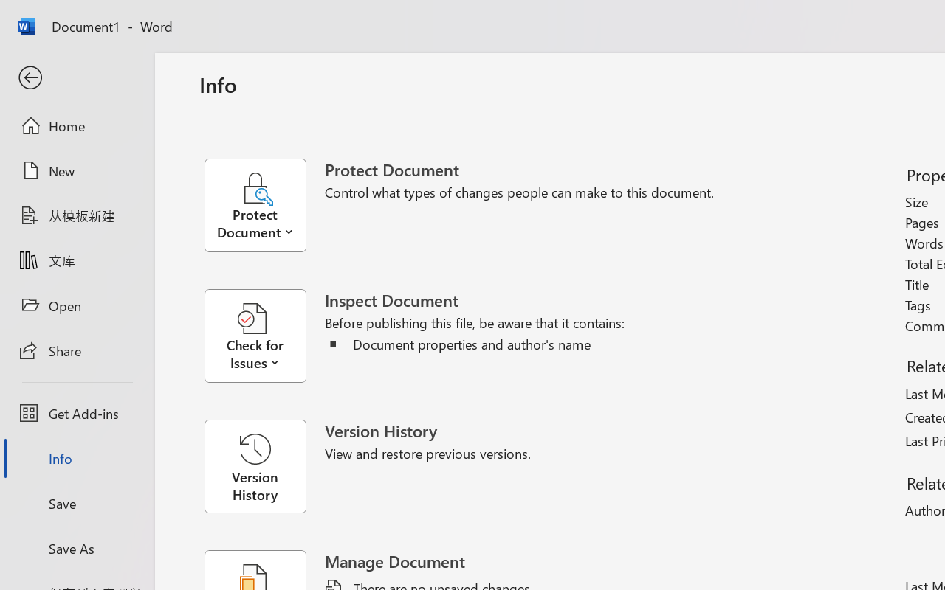  What do you see at coordinates (264, 205) in the screenshot?
I see `'Protect Document'` at bounding box center [264, 205].